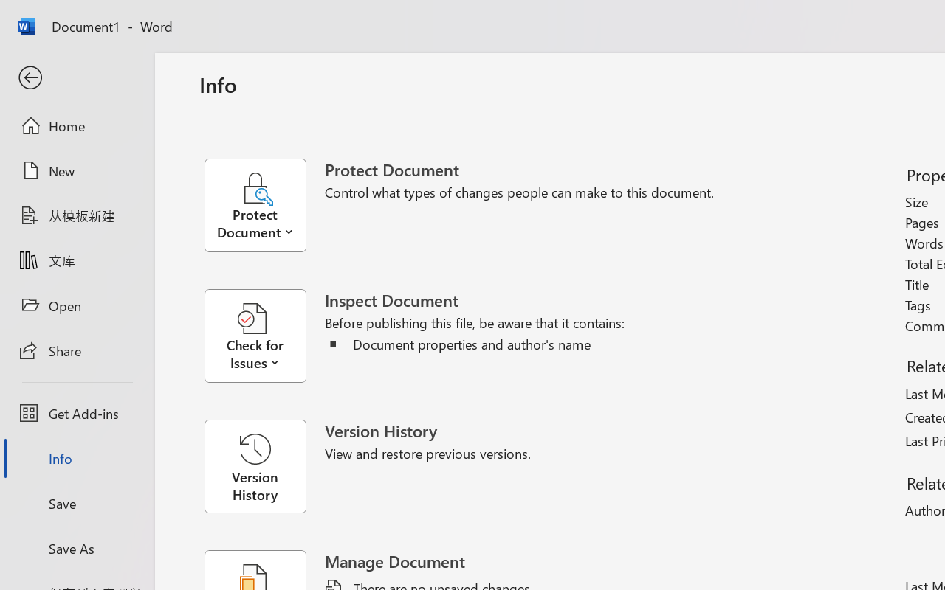  What do you see at coordinates (264, 205) in the screenshot?
I see `'Protect Document'` at bounding box center [264, 205].